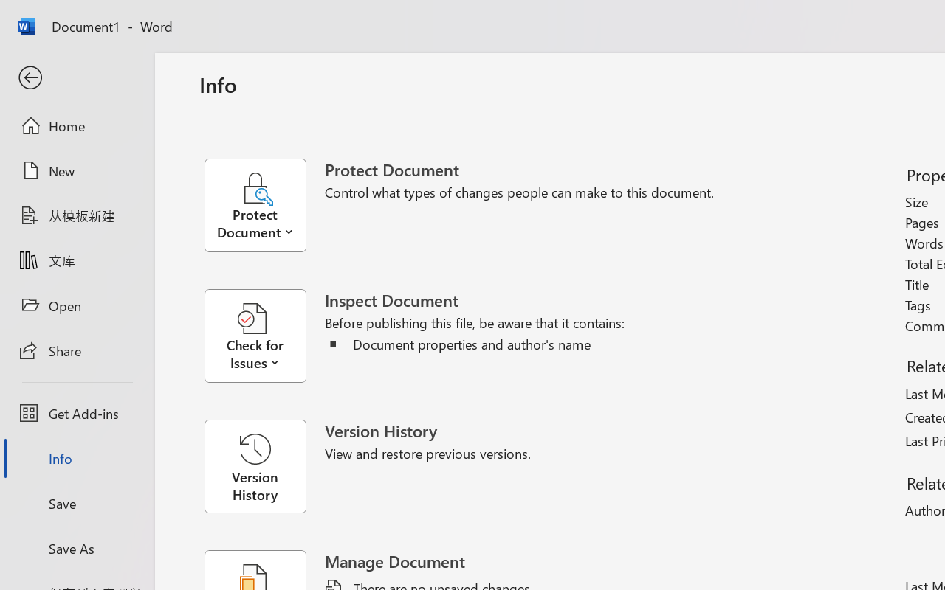  What do you see at coordinates (264, 205) in the screenshot?
I see `'Protect Document'` at bounding box center [264, 205].